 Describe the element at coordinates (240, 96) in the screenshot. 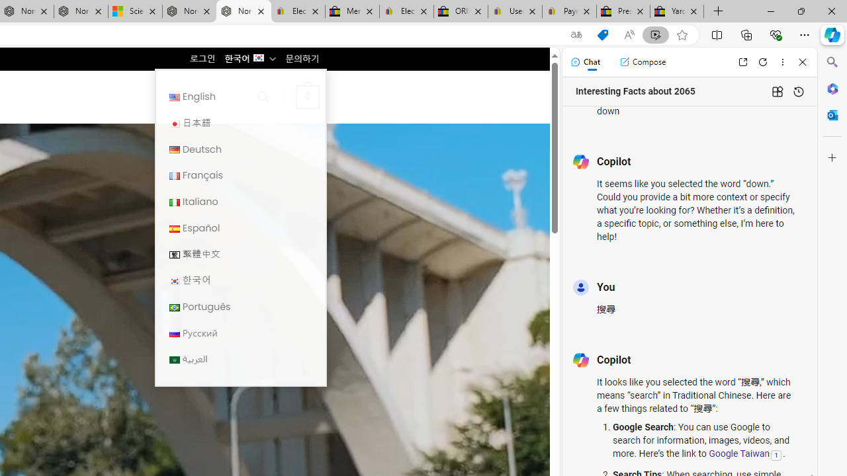

I see `' English'` at that location.